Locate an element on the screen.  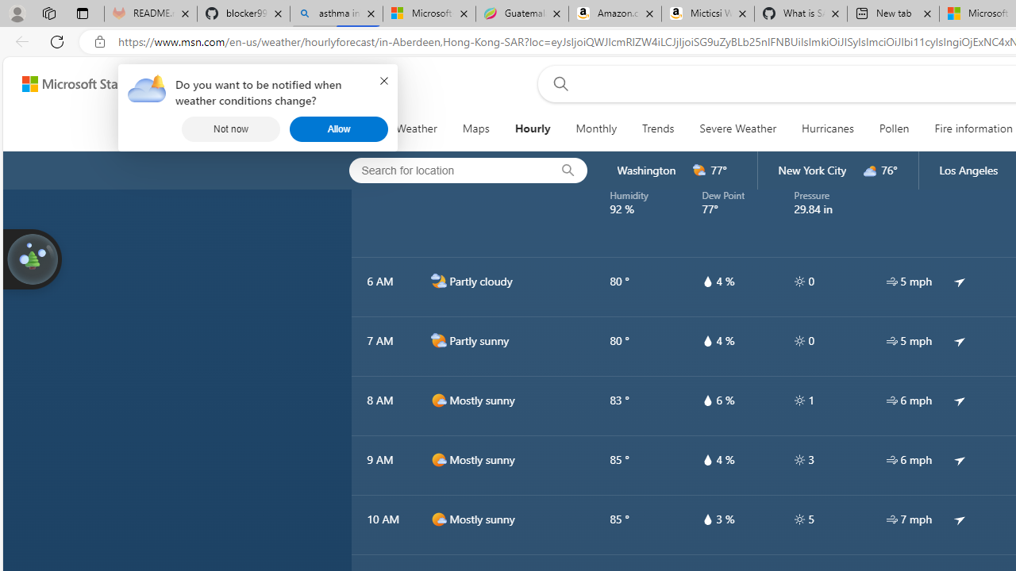
'Pollen' is located at coordinates (894, 128).